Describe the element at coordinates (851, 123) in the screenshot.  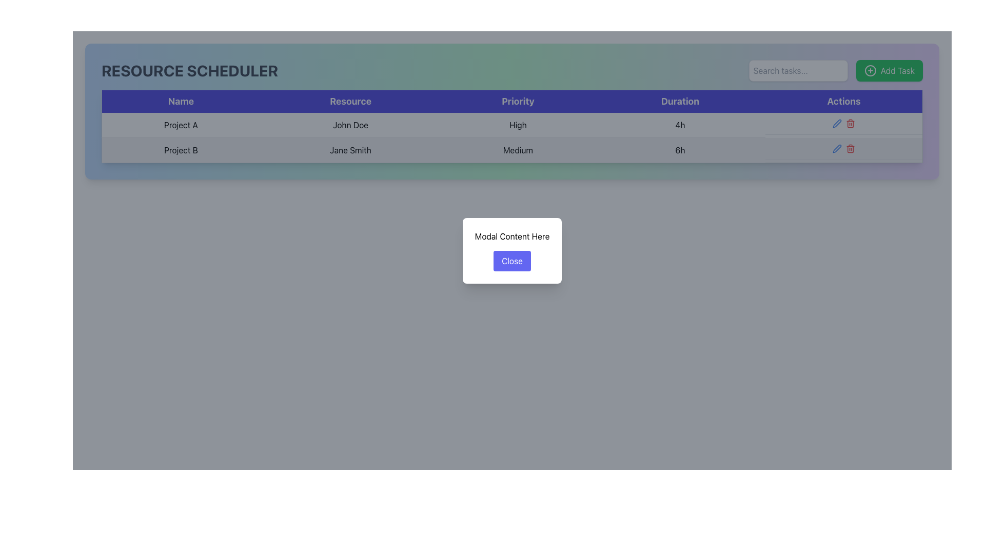
I see `the delete button with an icon located in the 'Actions' column of the second row in the table` at that location.